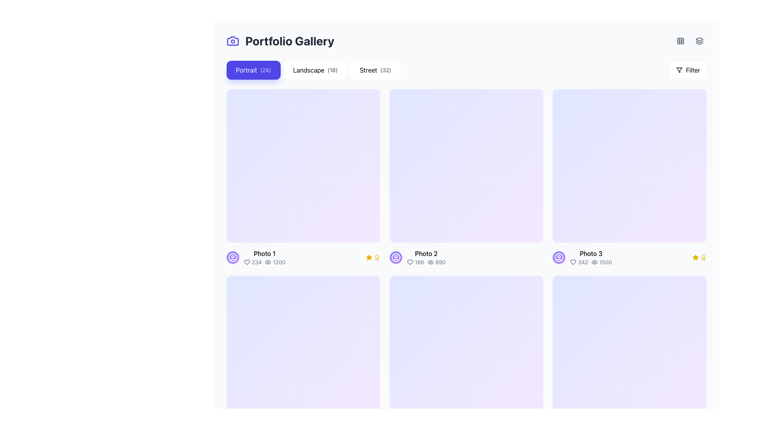 This screenshot has width=758, height=426. I want to click on the 'Portfolio Gallery' header that includes a purple camera icon and bold black text, located at the top-left section of the interface, so click(280, 41).